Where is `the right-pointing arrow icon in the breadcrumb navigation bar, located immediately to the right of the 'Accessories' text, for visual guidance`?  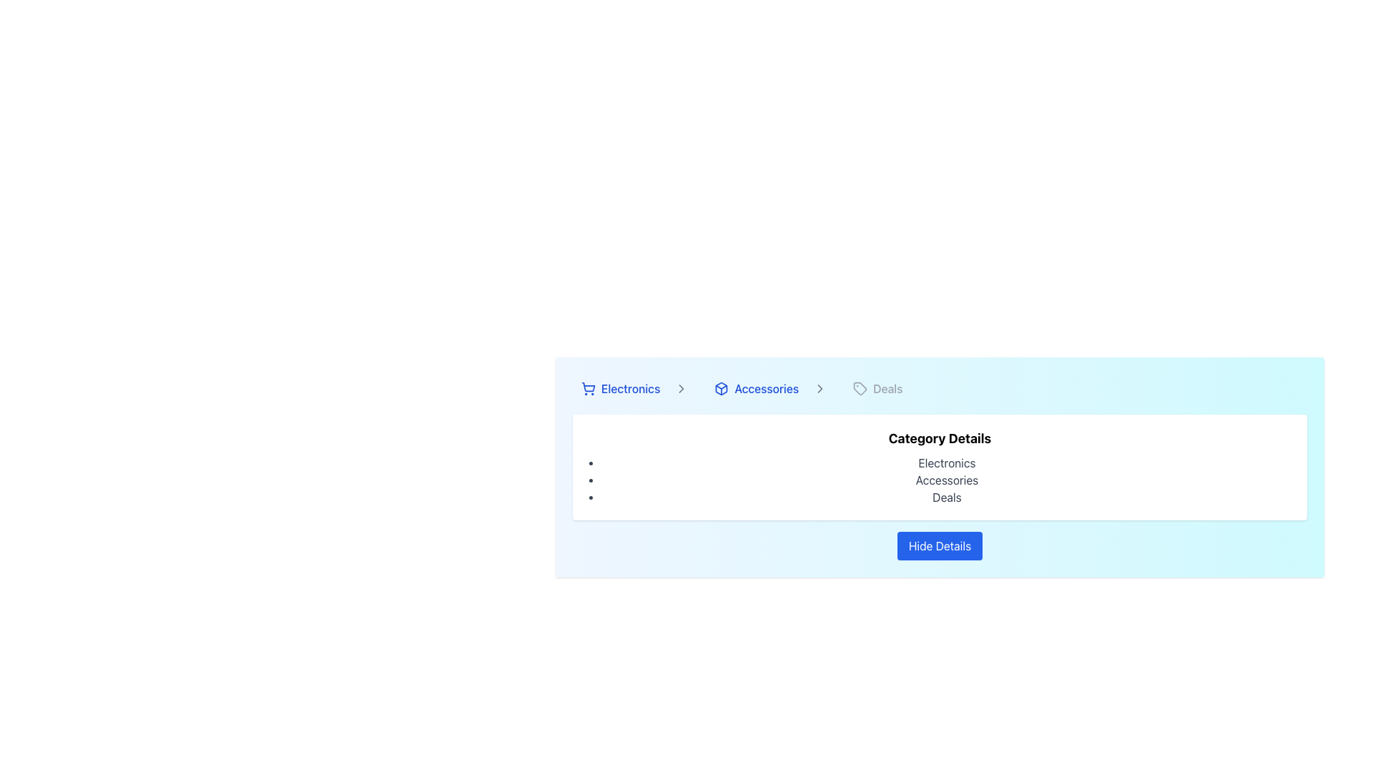 the right-pointing arrow icon in the breadcrumb navigation bar, located immediately to the right of the 'Accessories' text, for visual guidance is located at coordinates (820, 388).